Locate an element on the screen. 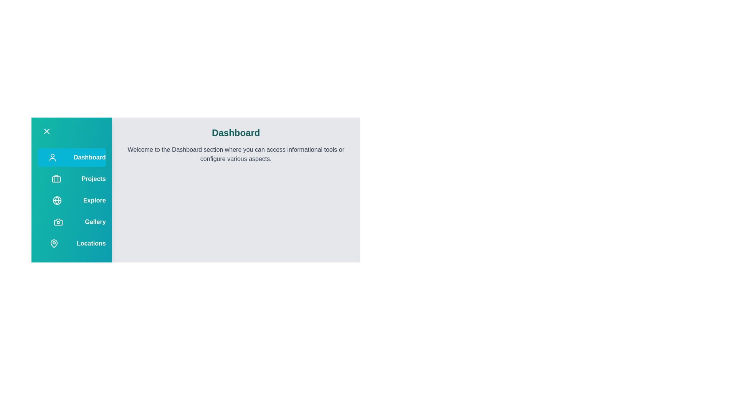  the content area displaying the welcome message is located at coordinates (235, 154).